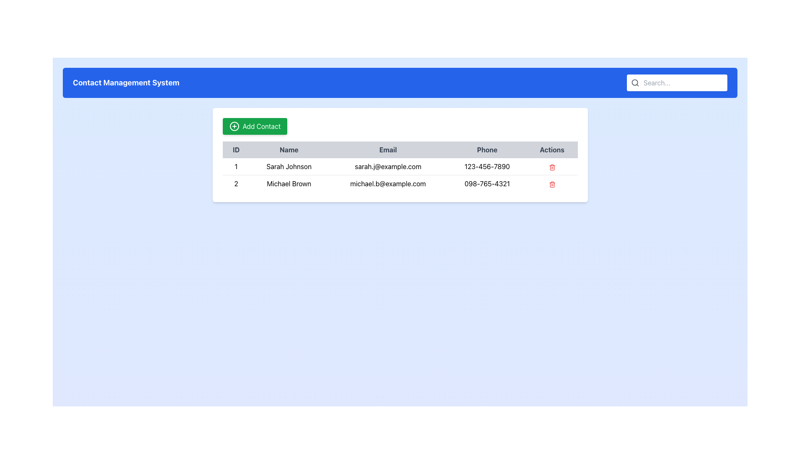 The image size is (804, 452). Describe the element at coordinates (635, 82) in the screenshot. I see `the magnifying glass icon located inside the search input box labeled 'Search...'` at that location.